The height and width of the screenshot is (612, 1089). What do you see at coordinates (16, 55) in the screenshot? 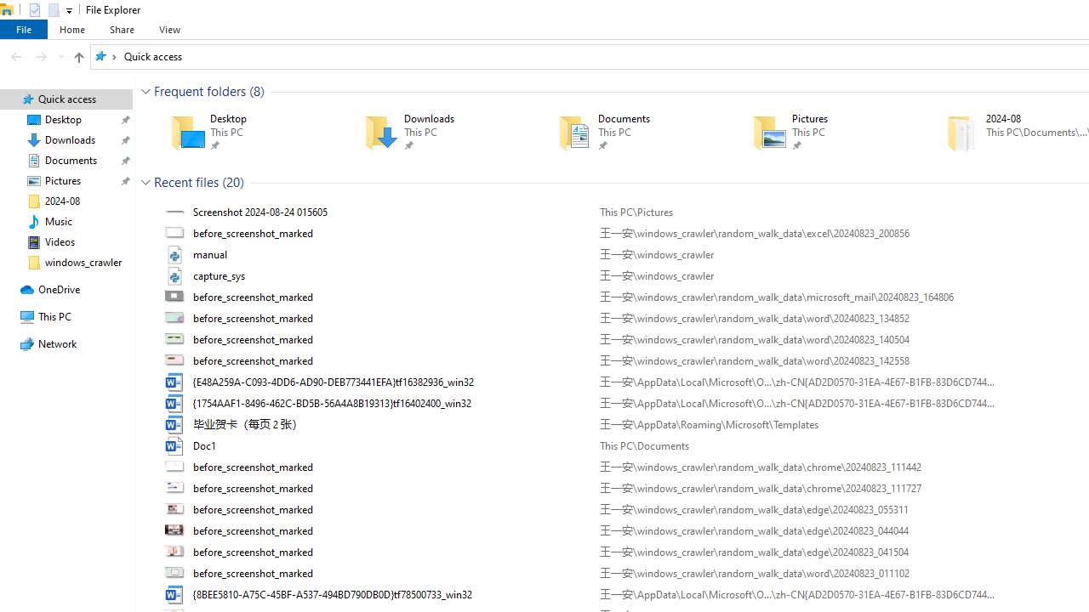
I see `'Back (Alt + Left Arrow)'` at bounding box center [16, 55].